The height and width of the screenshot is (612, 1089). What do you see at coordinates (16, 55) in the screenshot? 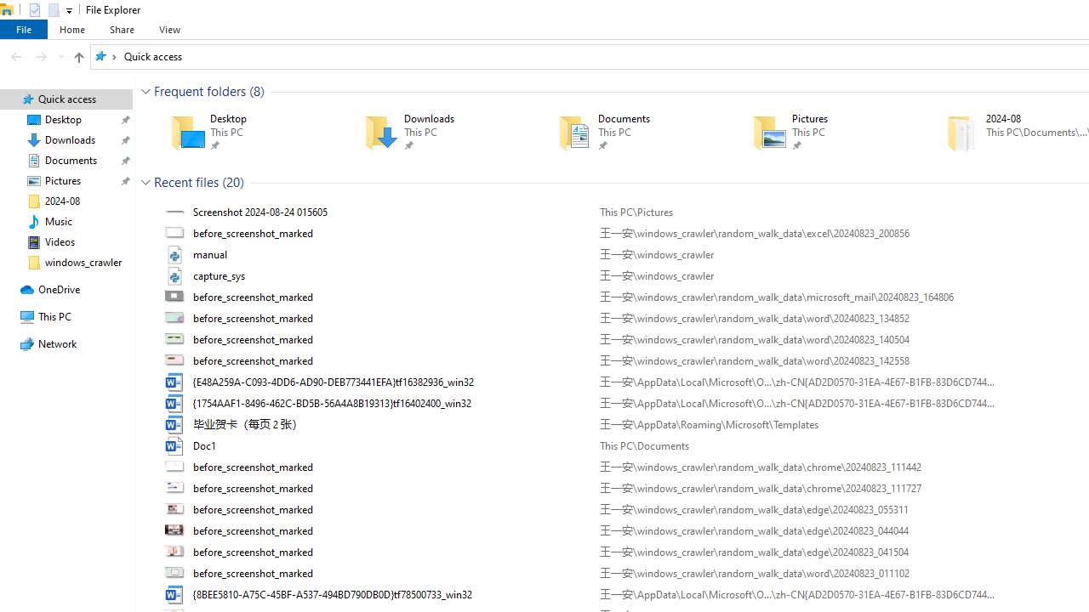
I see `'Back (Alt + Left Arrow)'` at bounding box center [16, 55].